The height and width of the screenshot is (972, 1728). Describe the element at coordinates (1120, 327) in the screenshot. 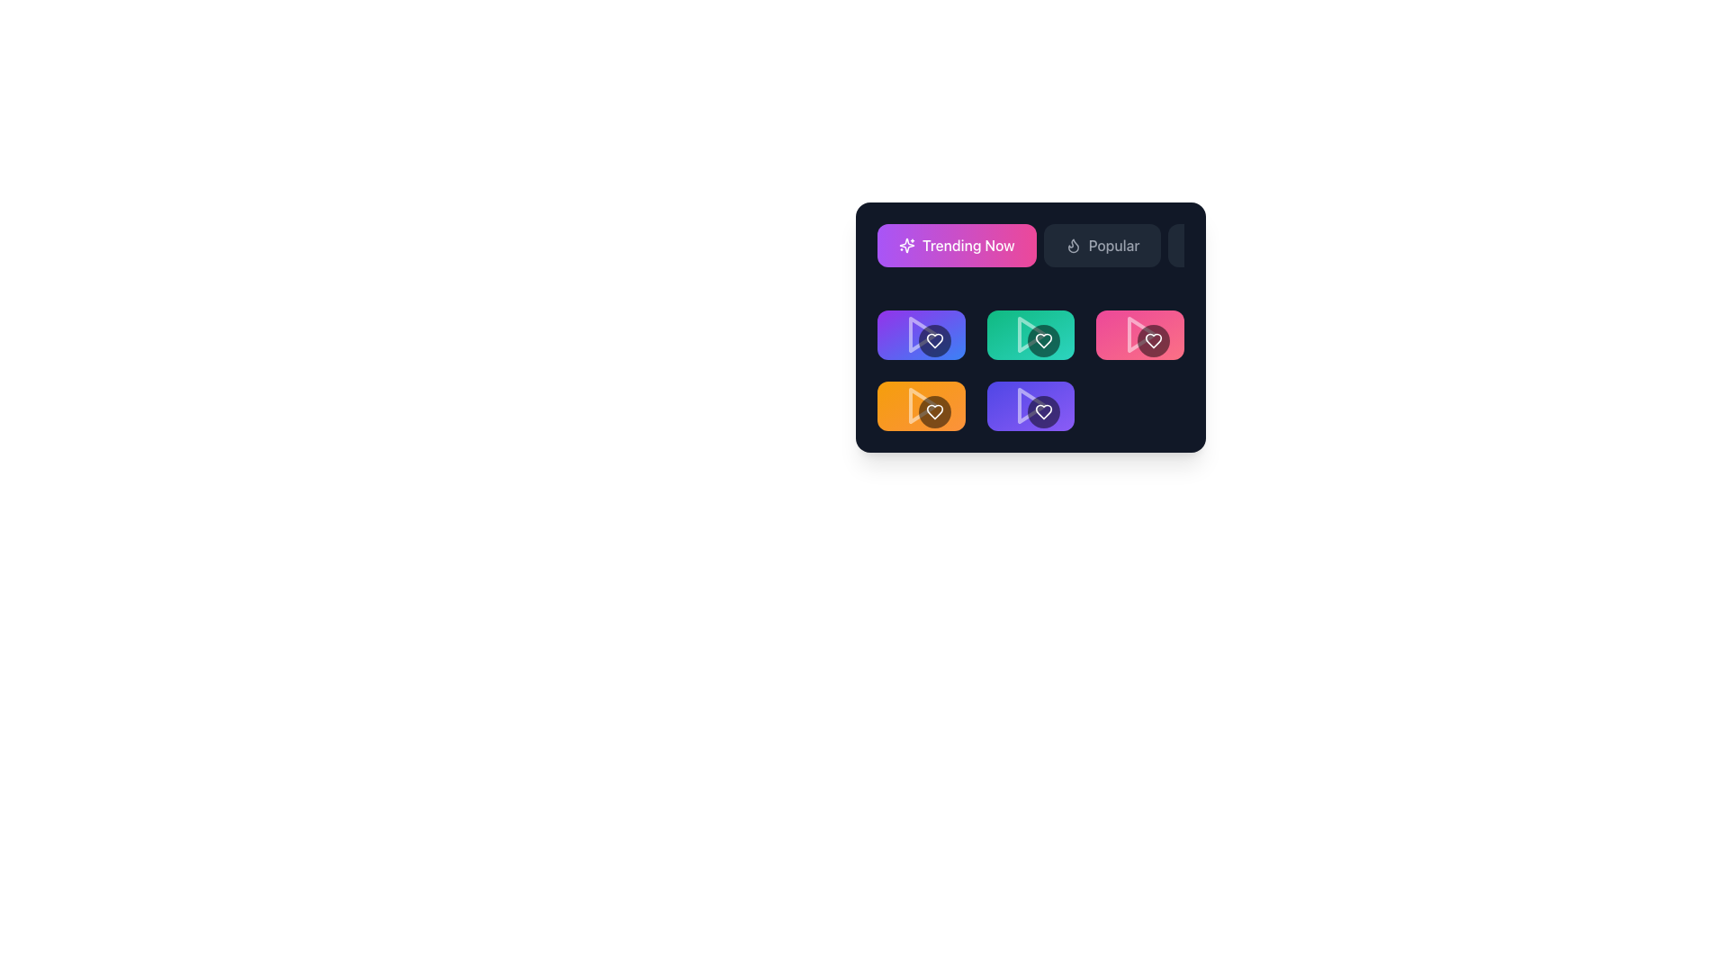

I see `the sharing icon, which resembles a graph network with a central node and three surrounding circular nodes, located within a pink gradient button on the right side of the second row` at that location.